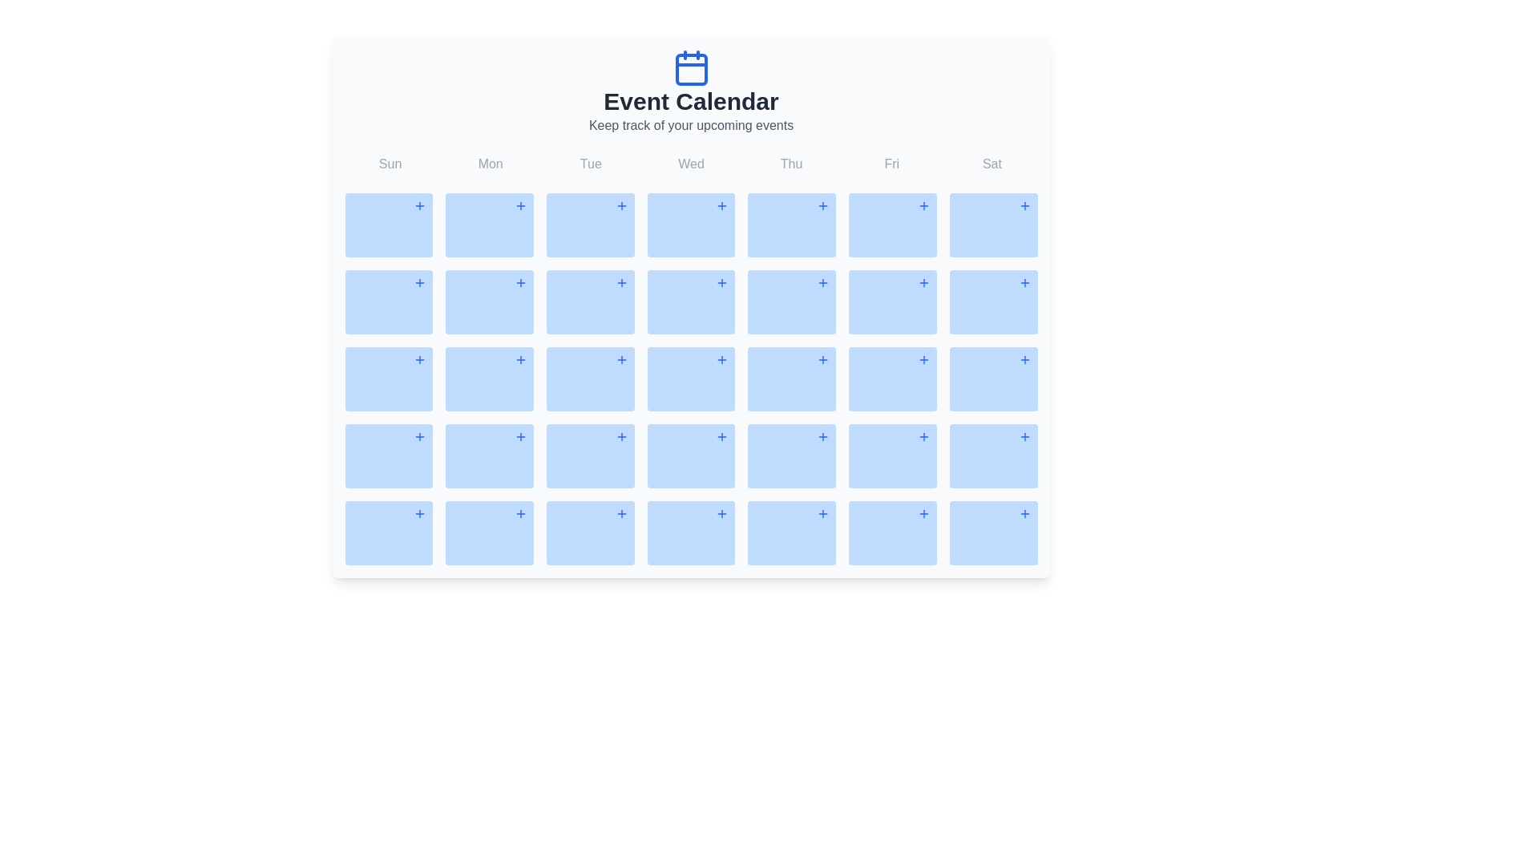  I want to click on the button located, so click(1024, 358).